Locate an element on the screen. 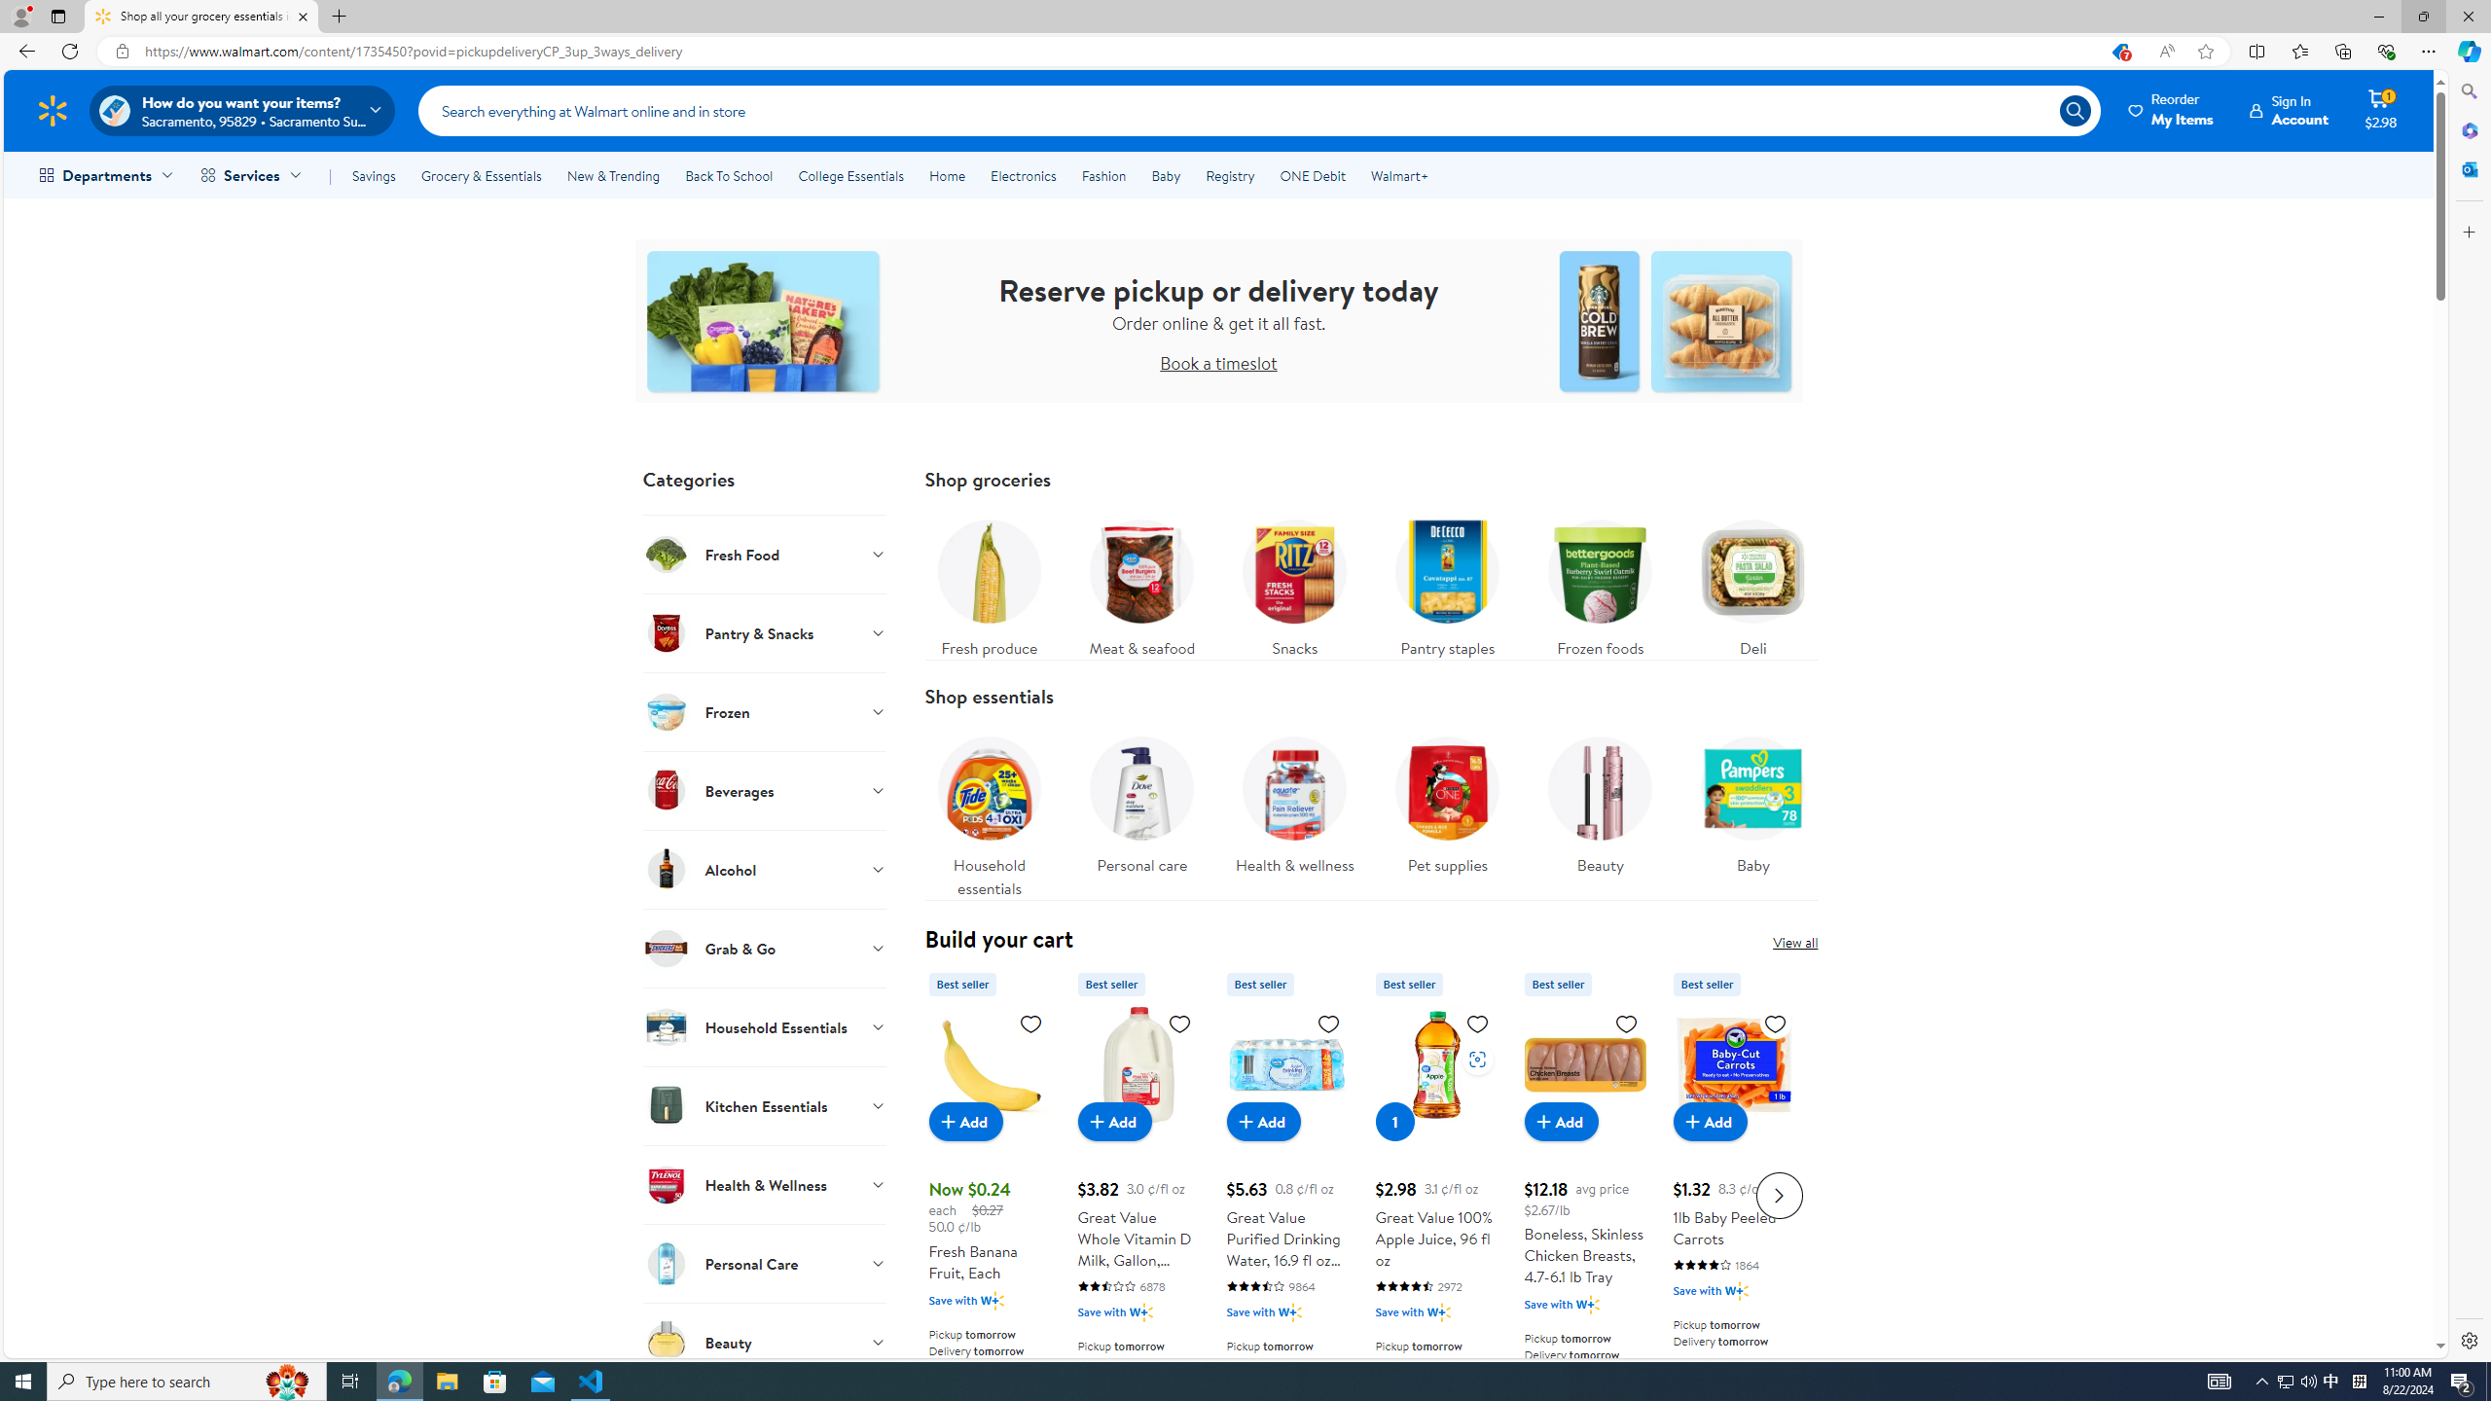 The image size is (2491, 1401). 'Cart contains 1 item Total Amount $2.98' is located at coordinates (2380, 109).